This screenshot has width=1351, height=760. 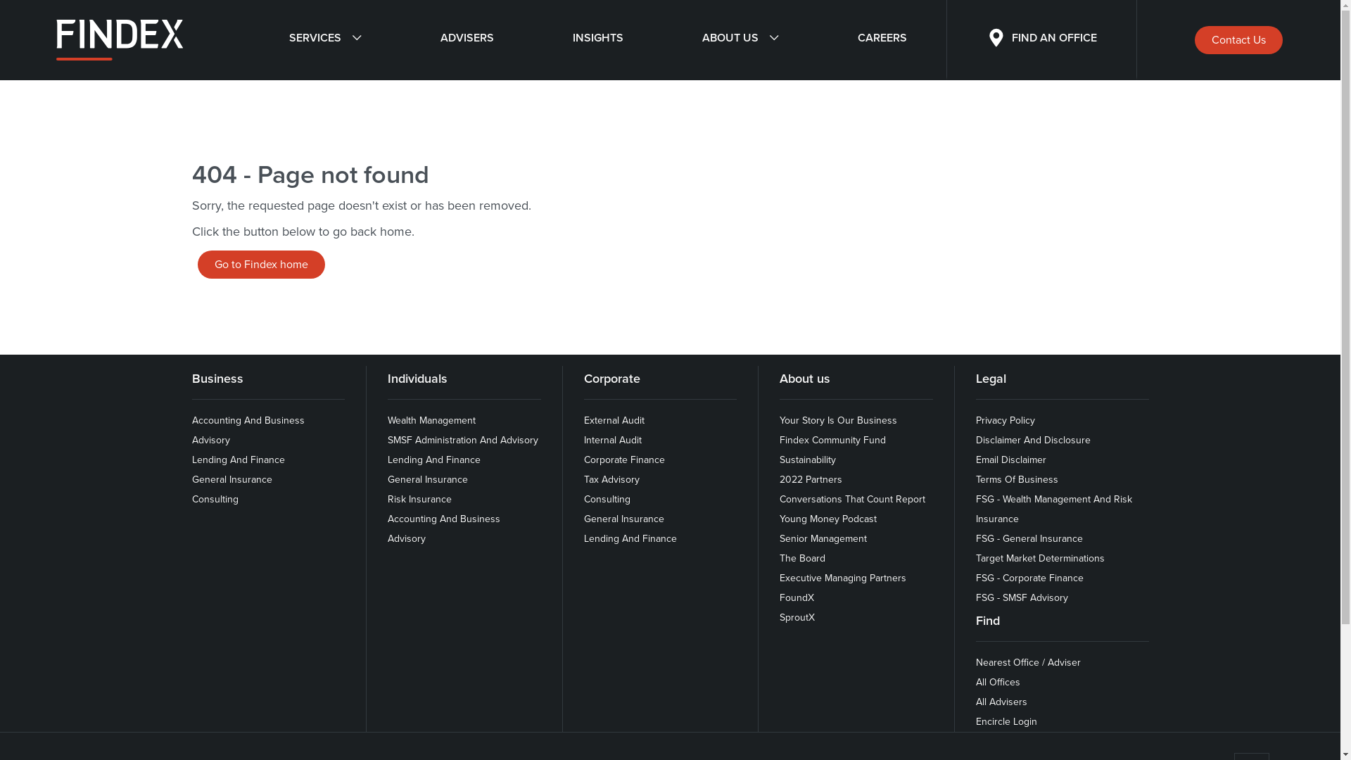 I want to click on '2022 Partners', so click(x=779, y=479).